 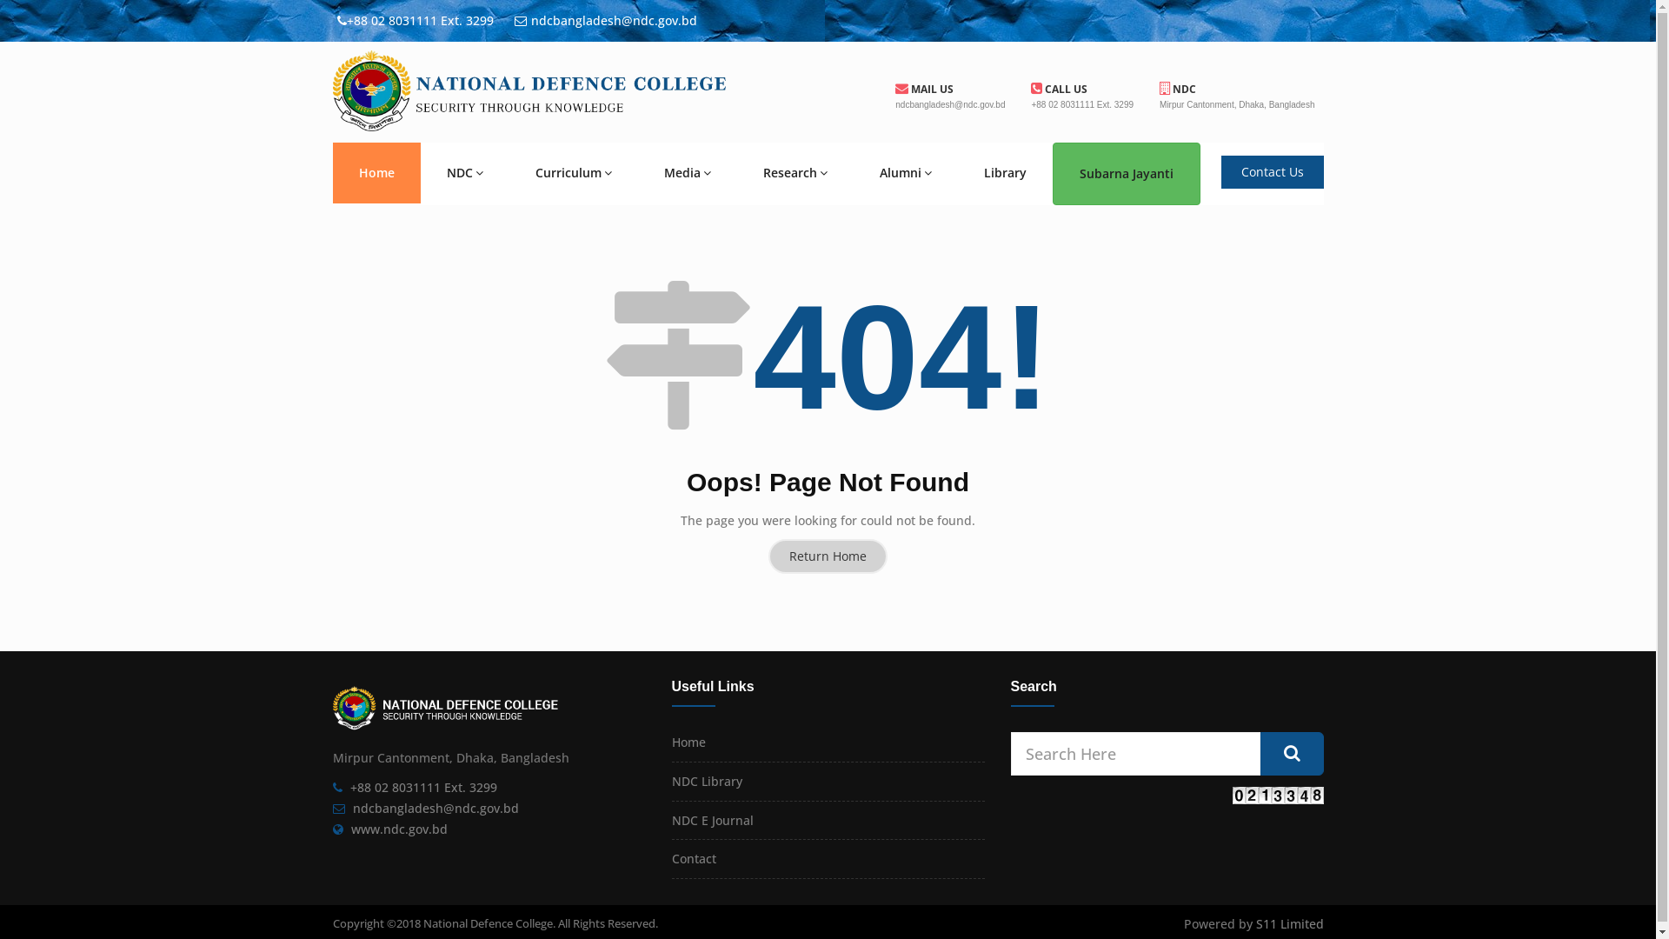 I want to click on 'CALL US', so click(x=1058, y=89).